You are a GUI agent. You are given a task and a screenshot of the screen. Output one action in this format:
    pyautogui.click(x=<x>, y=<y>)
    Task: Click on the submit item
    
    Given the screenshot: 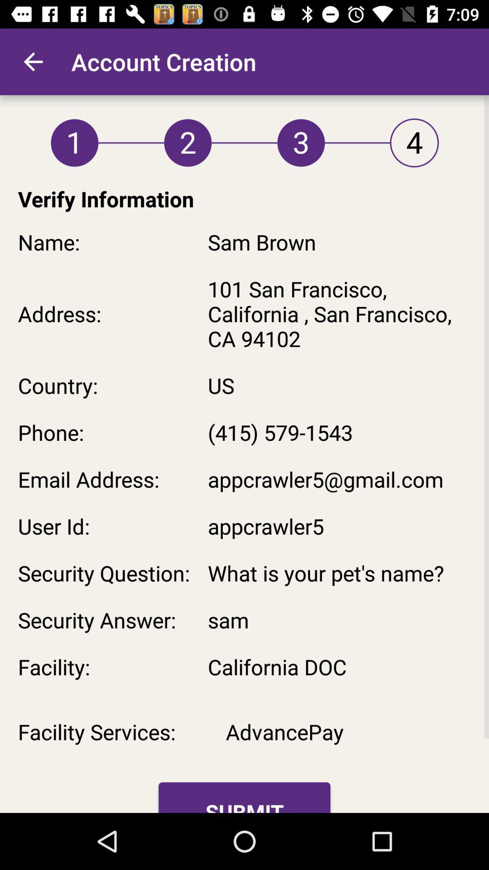 What is the action you would take?
    pyautogui.click(x=244, y=797)
    